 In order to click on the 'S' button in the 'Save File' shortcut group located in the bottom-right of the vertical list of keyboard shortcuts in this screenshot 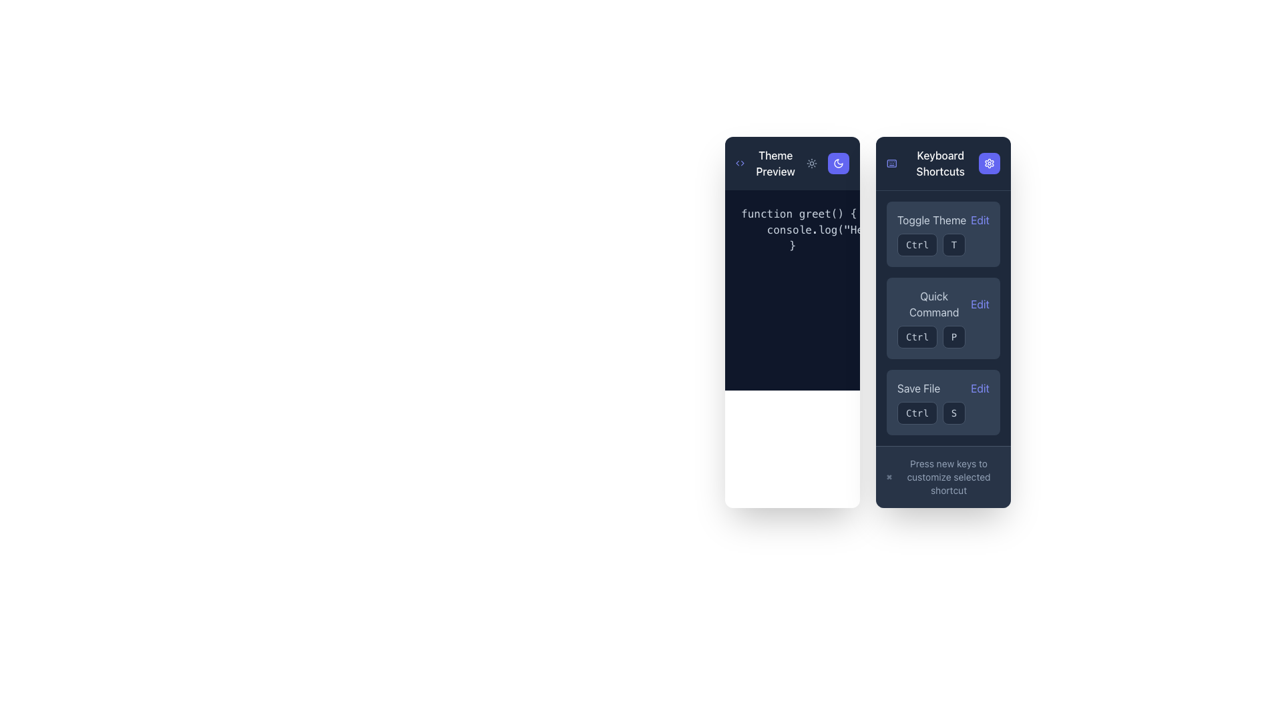, I will do `click(953, 412)`.